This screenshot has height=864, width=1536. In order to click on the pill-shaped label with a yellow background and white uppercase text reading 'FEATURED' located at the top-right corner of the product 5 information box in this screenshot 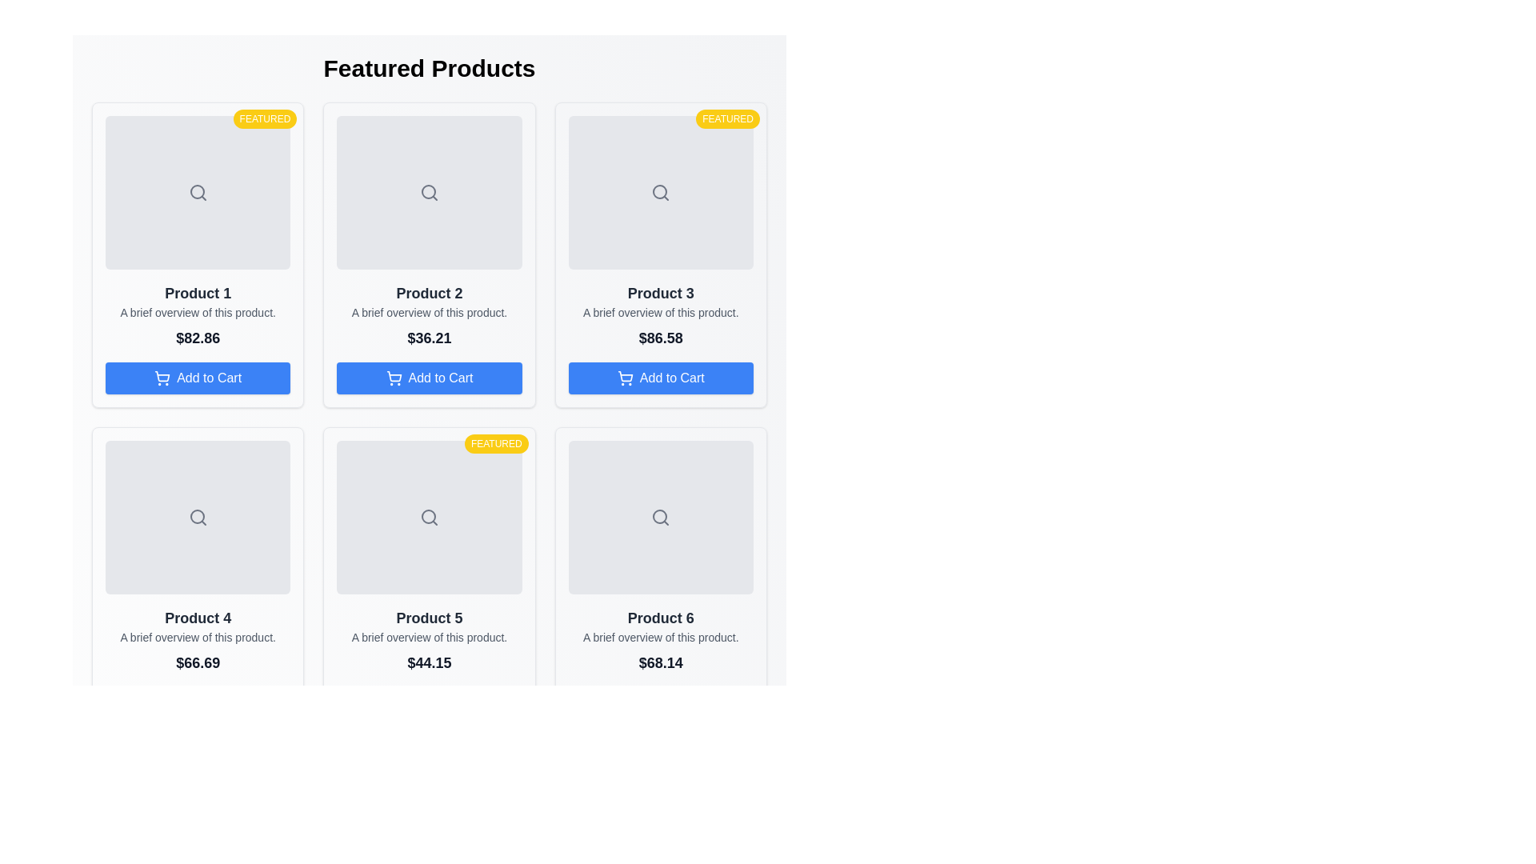, I will do `click(495, 444)`.